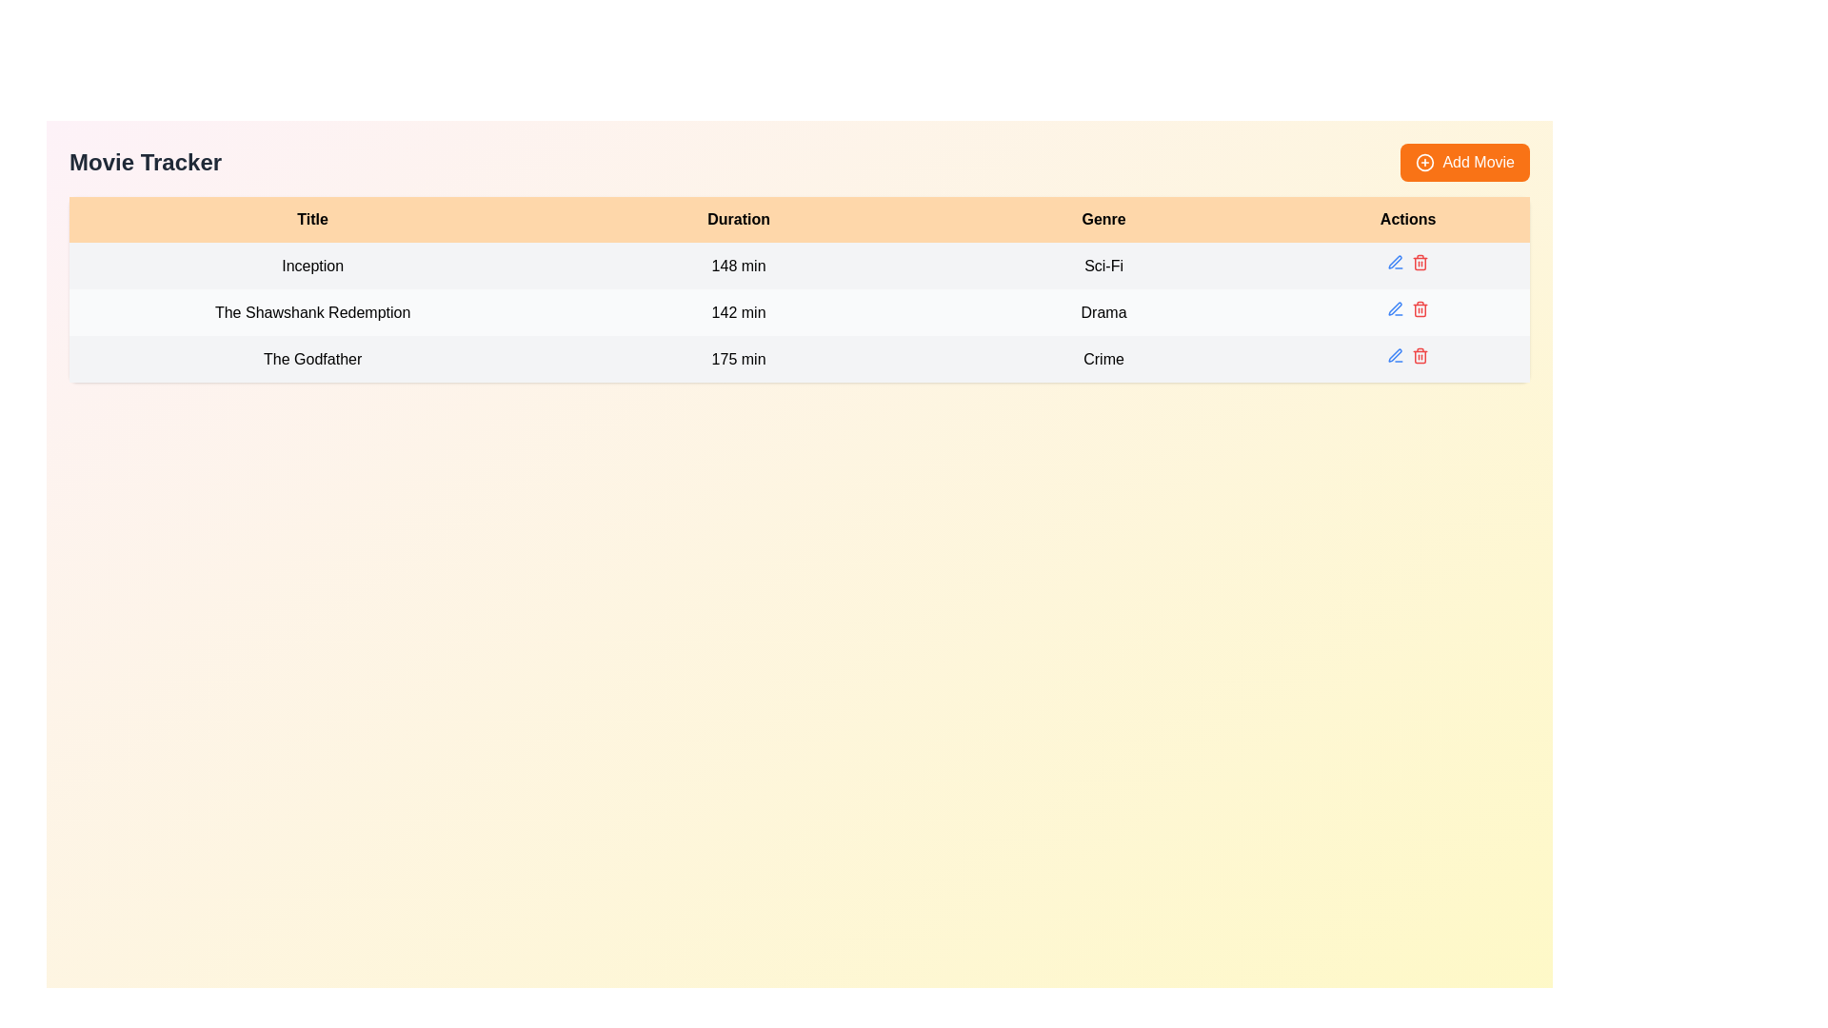  Describe the element at coordinates (312, 359) in the screenshot. I see `the static text label displaying the title of the movie 'The Godfather' located in the third row under the 'Title' column of the movie list` at that location.